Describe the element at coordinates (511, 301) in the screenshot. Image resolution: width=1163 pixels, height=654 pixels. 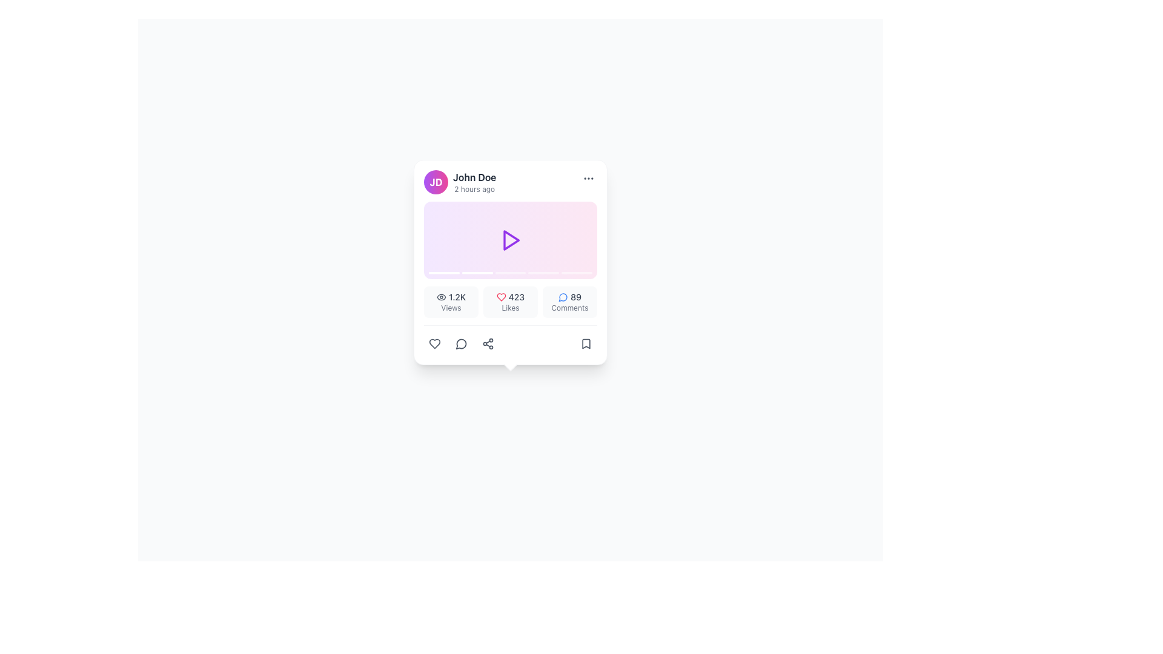
I see `the middle section of the Statistical display unit that shows 'Likes' for accessibility features` at that location.